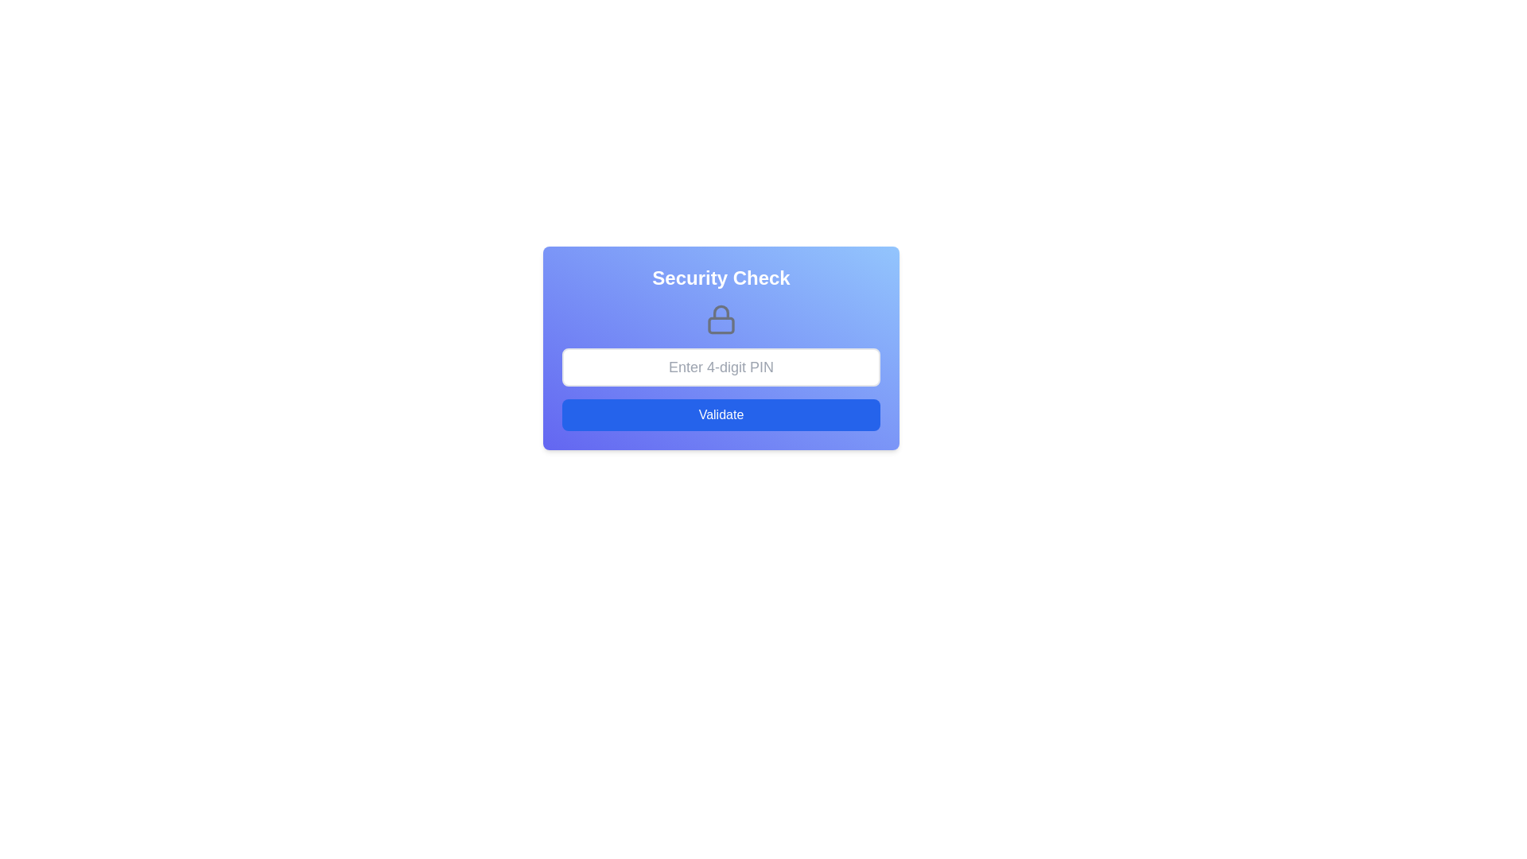 The image size is (1527, 859). Describe the element at coordinates (721, 325) in the screenshot. I see `the SVG rectangle element with rounded corners located within the lock icon at the center of the dialog box, positioned above the text input field` at that location.